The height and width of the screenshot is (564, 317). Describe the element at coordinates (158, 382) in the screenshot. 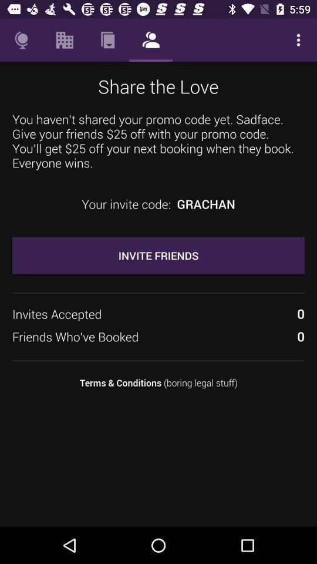

I see `terms conditions boring` at that location.